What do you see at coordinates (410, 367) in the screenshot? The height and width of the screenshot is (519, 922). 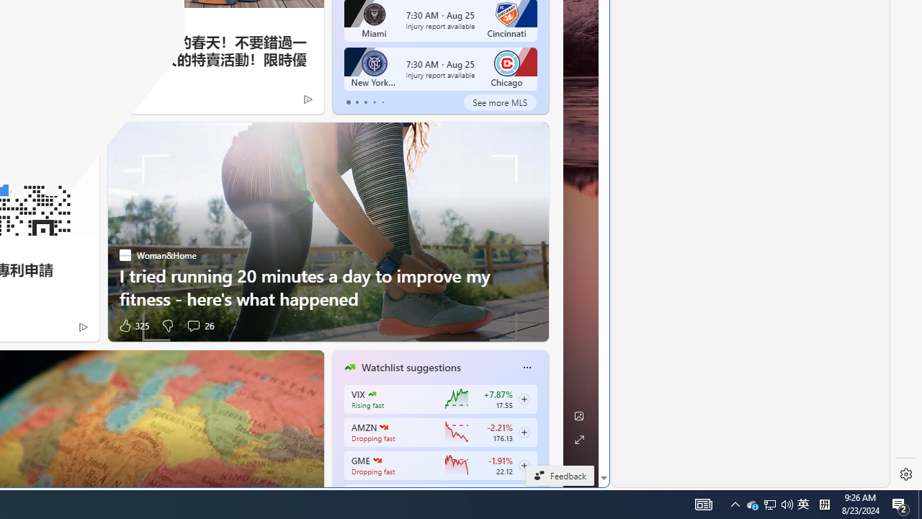 I see `'Watchlist suggestions'` at bounding box center [410, 367].